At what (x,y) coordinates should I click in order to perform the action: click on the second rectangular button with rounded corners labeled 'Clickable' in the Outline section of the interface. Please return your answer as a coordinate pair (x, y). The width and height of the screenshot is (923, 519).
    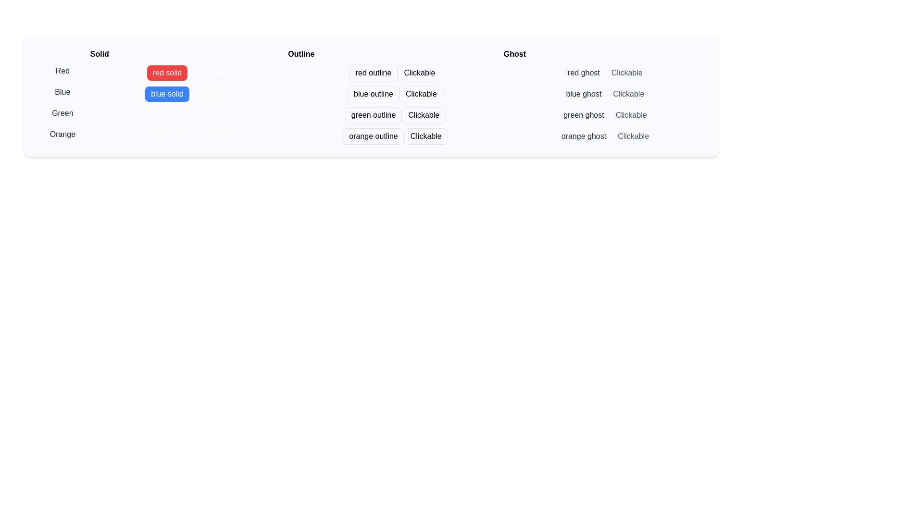
    Looking at the image, I should click on (421, 94).